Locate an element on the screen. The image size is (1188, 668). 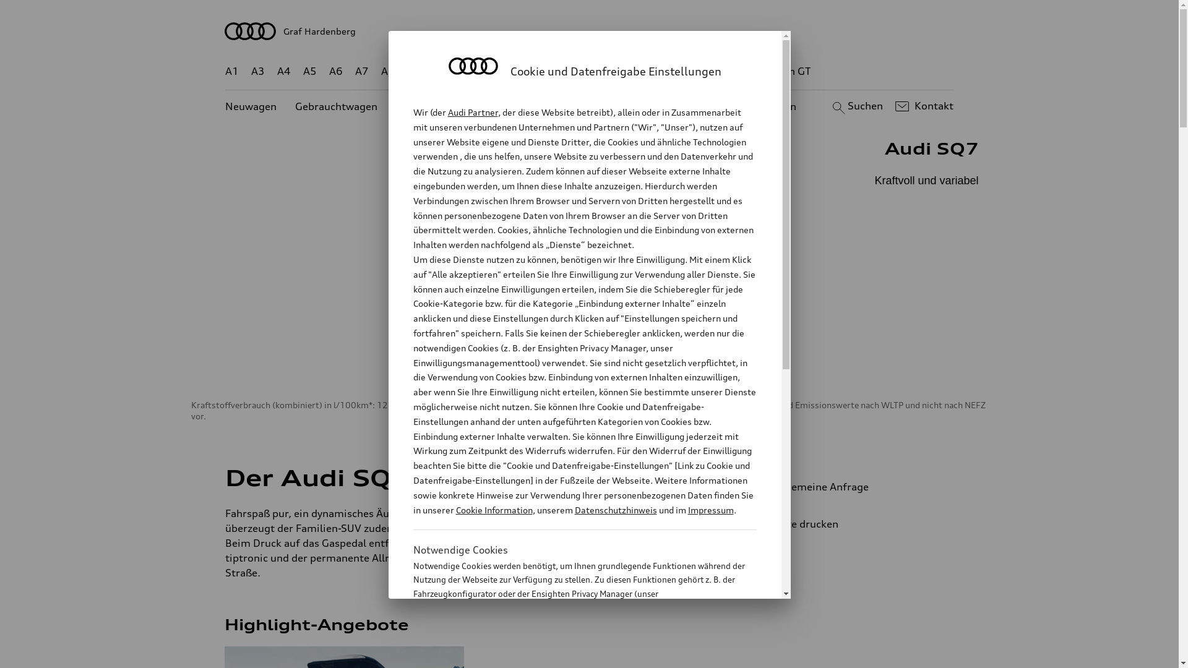
'Q2' is located at coordinates (407, 71).